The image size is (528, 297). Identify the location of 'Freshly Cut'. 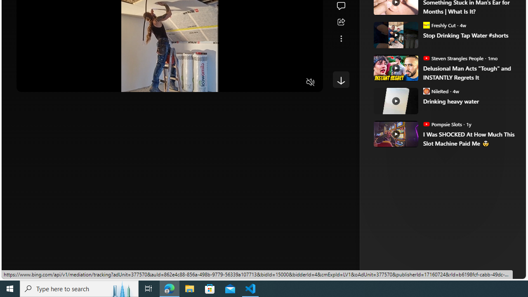
(426, 24).